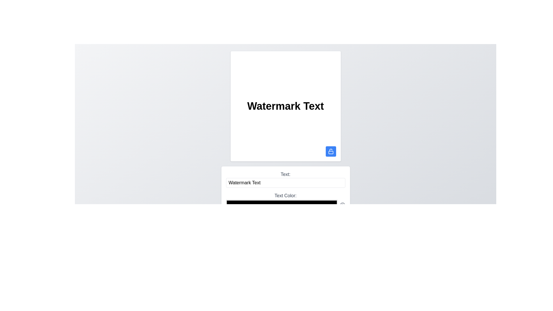  I want to click on the lower rectangular part of the lock icon located in the bottom-right corner of the primary content area, so click(331, 152).